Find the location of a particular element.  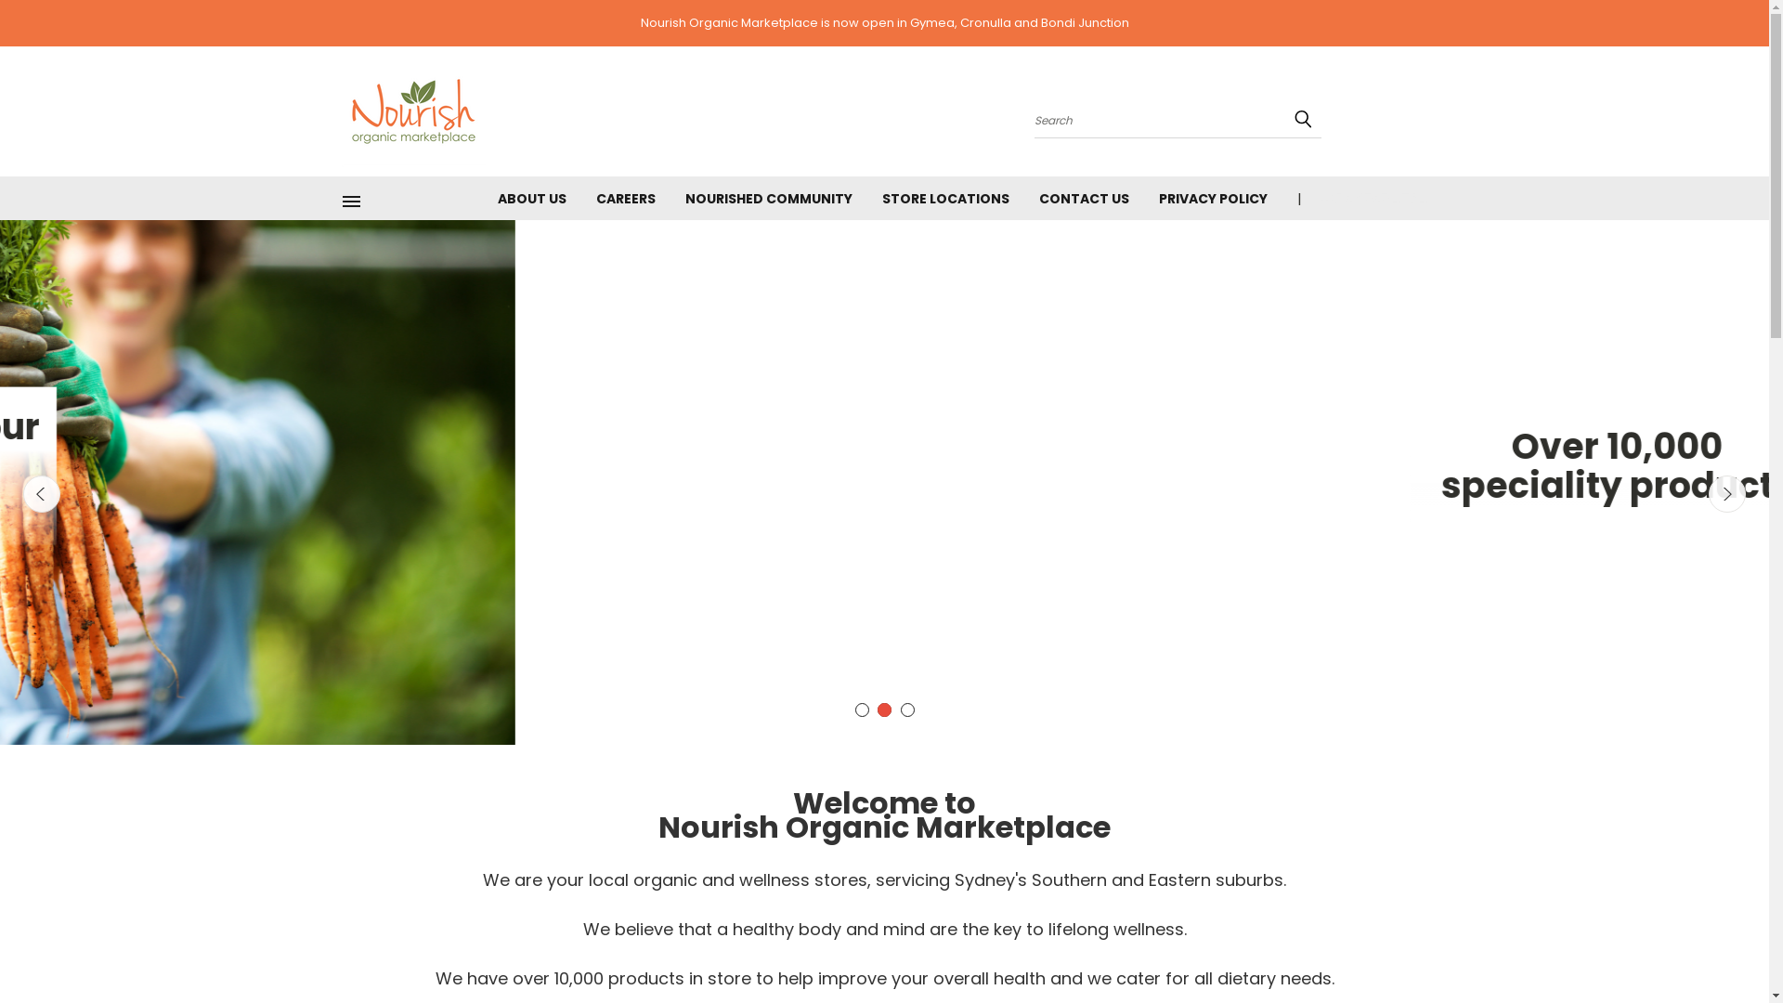

'Next' is located at coordinates (1726, 493).